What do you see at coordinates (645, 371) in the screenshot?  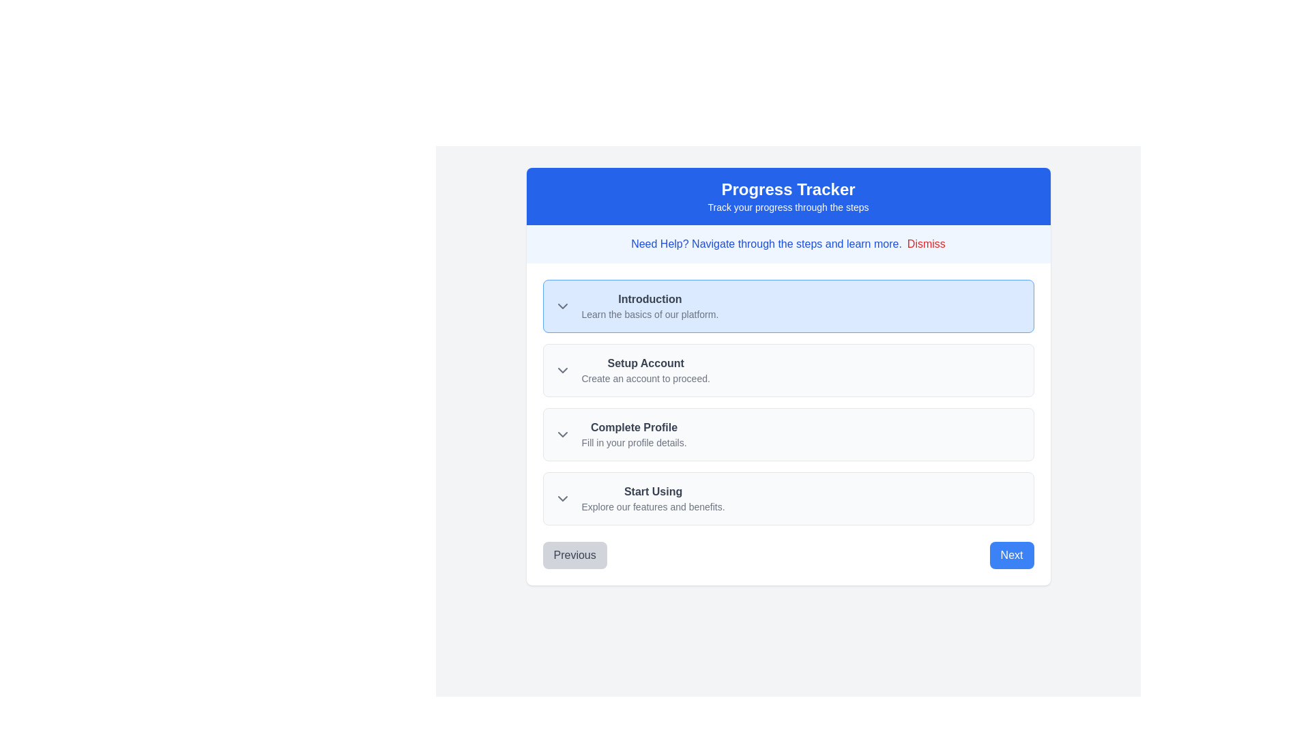 I see `text element indicating the second step in the progress tracker, which guides the user to set up an account` at bounding box center [645, 371].